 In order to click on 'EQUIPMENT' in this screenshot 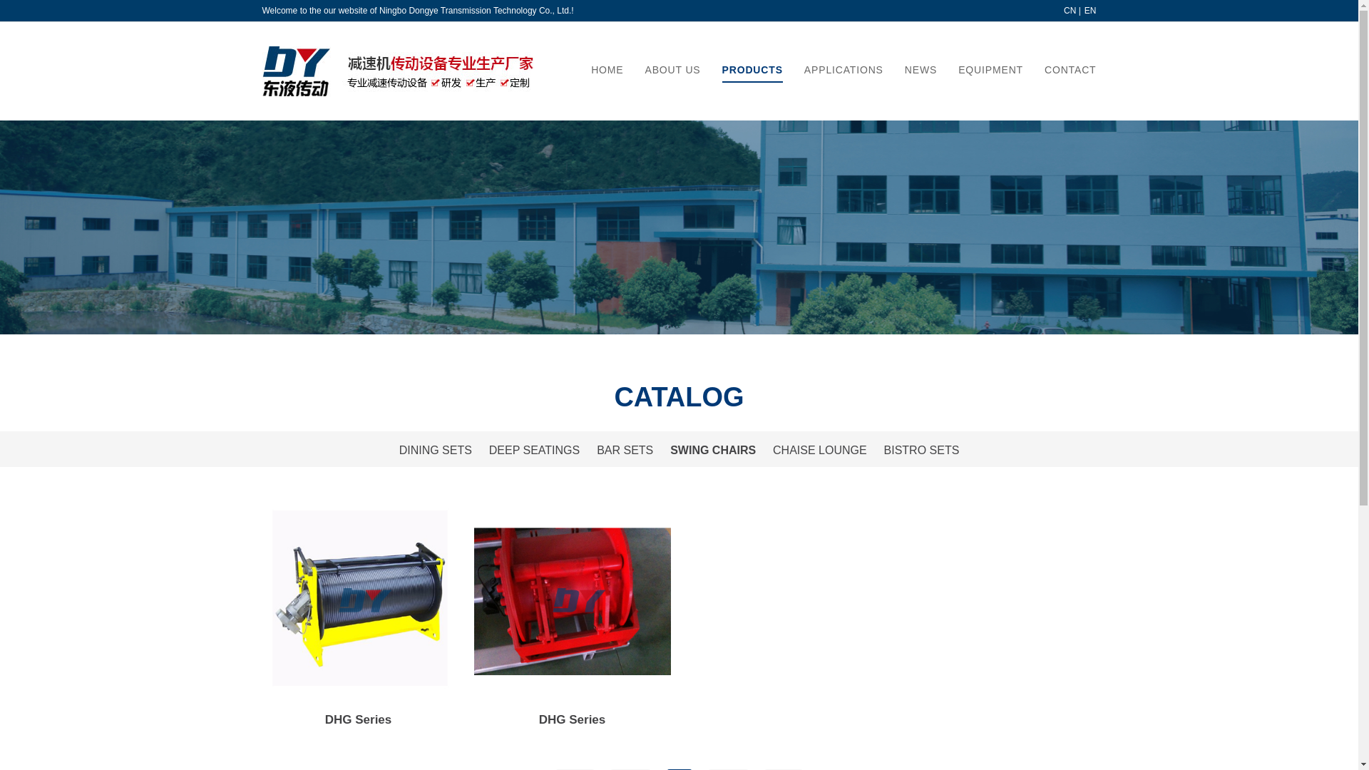, I will do `click(990, 69)`.